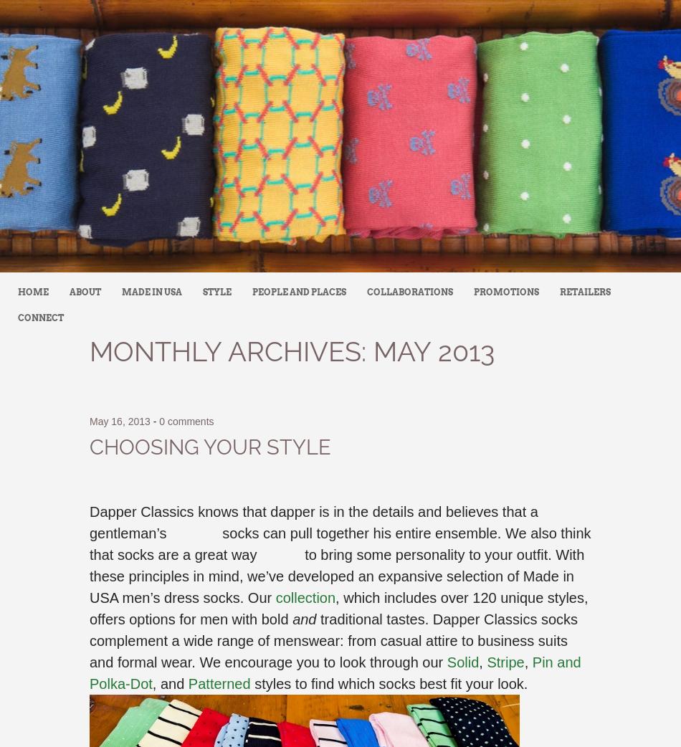 The width and height of the screenshot is (681, 747). What do you see at coordinates (333, 640) in the screenshot?
I see `'traditional tastes. Dapper Classics socks complement a wide range of menswear: from casual attire to business suits and formal wear. We encourage you to look through our'` at bounding box center [333, 640].